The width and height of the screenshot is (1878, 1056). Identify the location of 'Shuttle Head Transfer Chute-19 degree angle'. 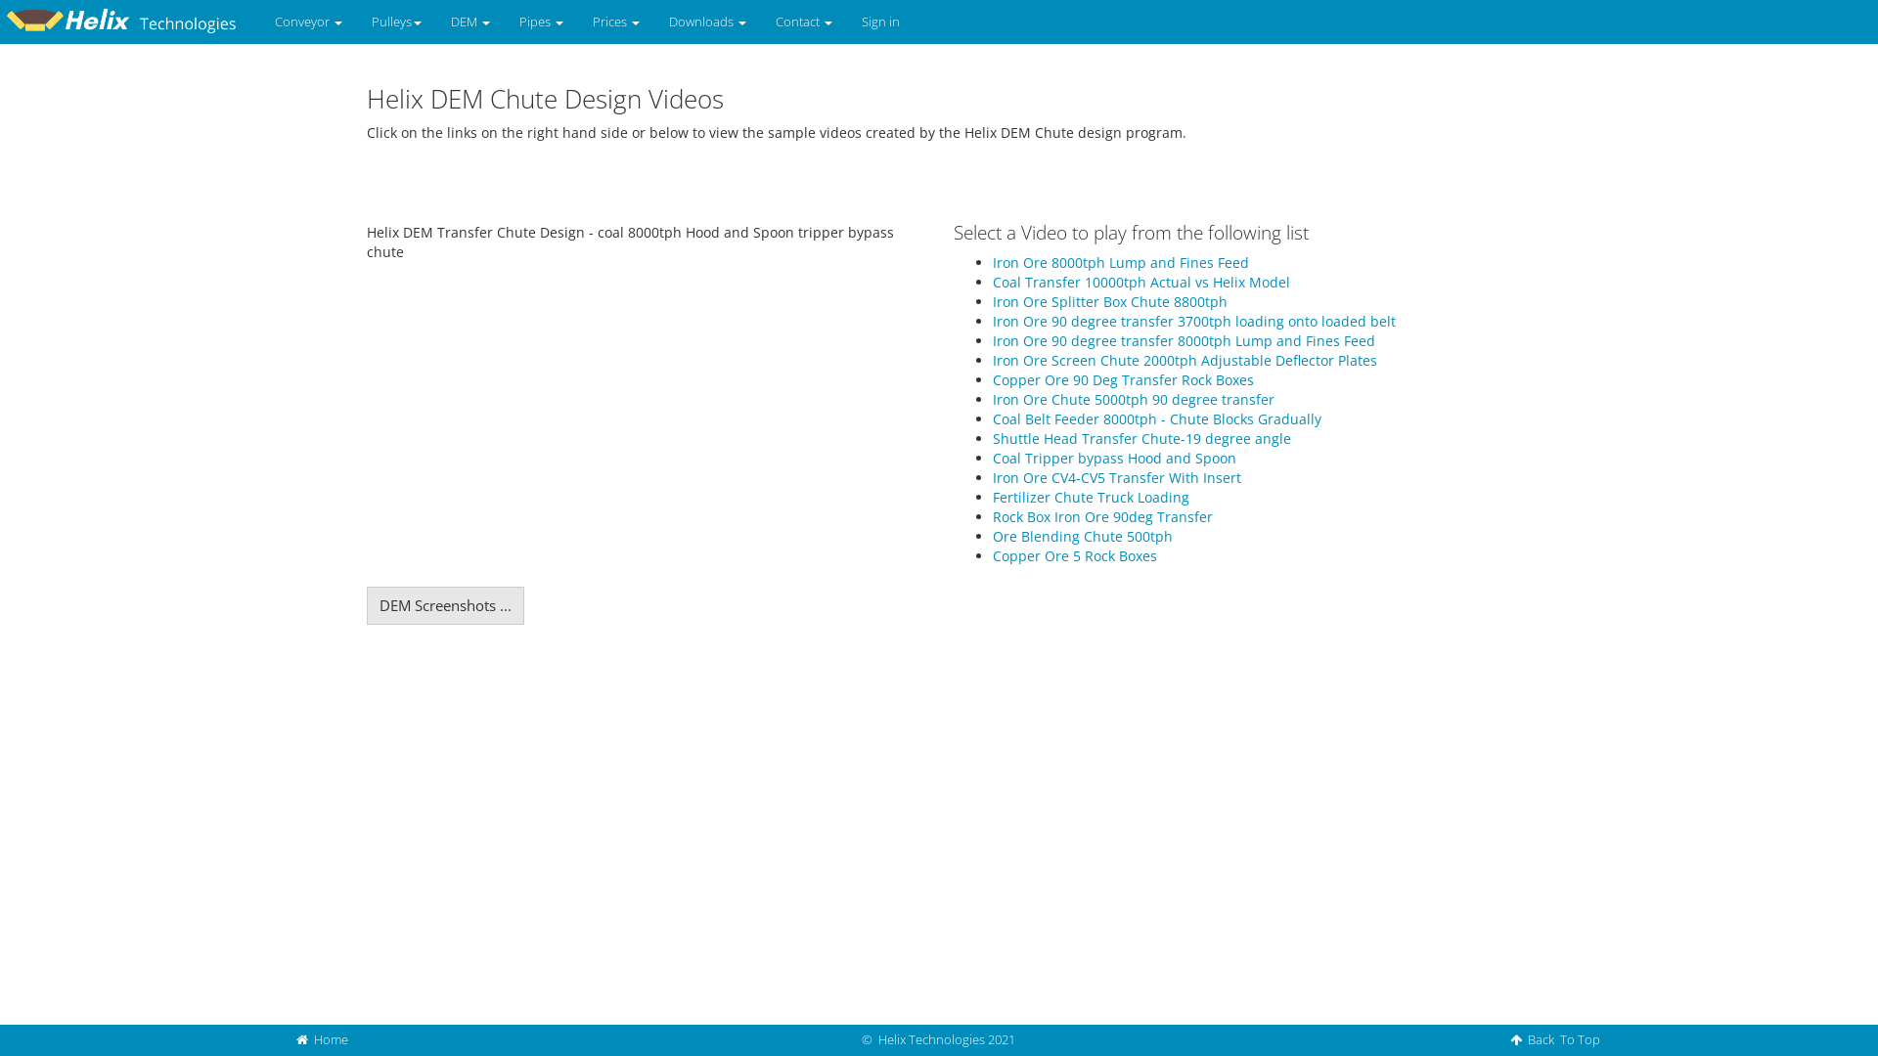
(1141, 437).